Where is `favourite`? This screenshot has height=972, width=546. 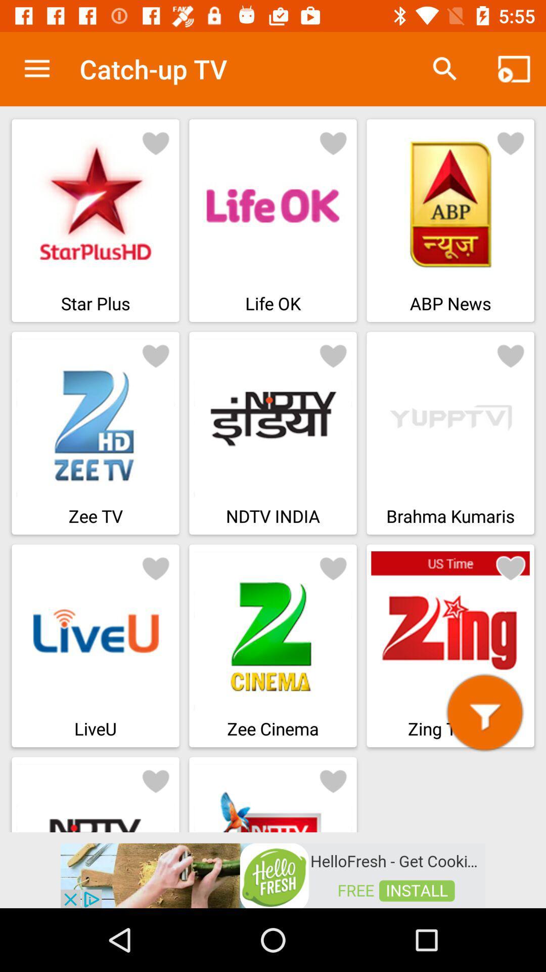
favourite is located at coordinates (333, 355).